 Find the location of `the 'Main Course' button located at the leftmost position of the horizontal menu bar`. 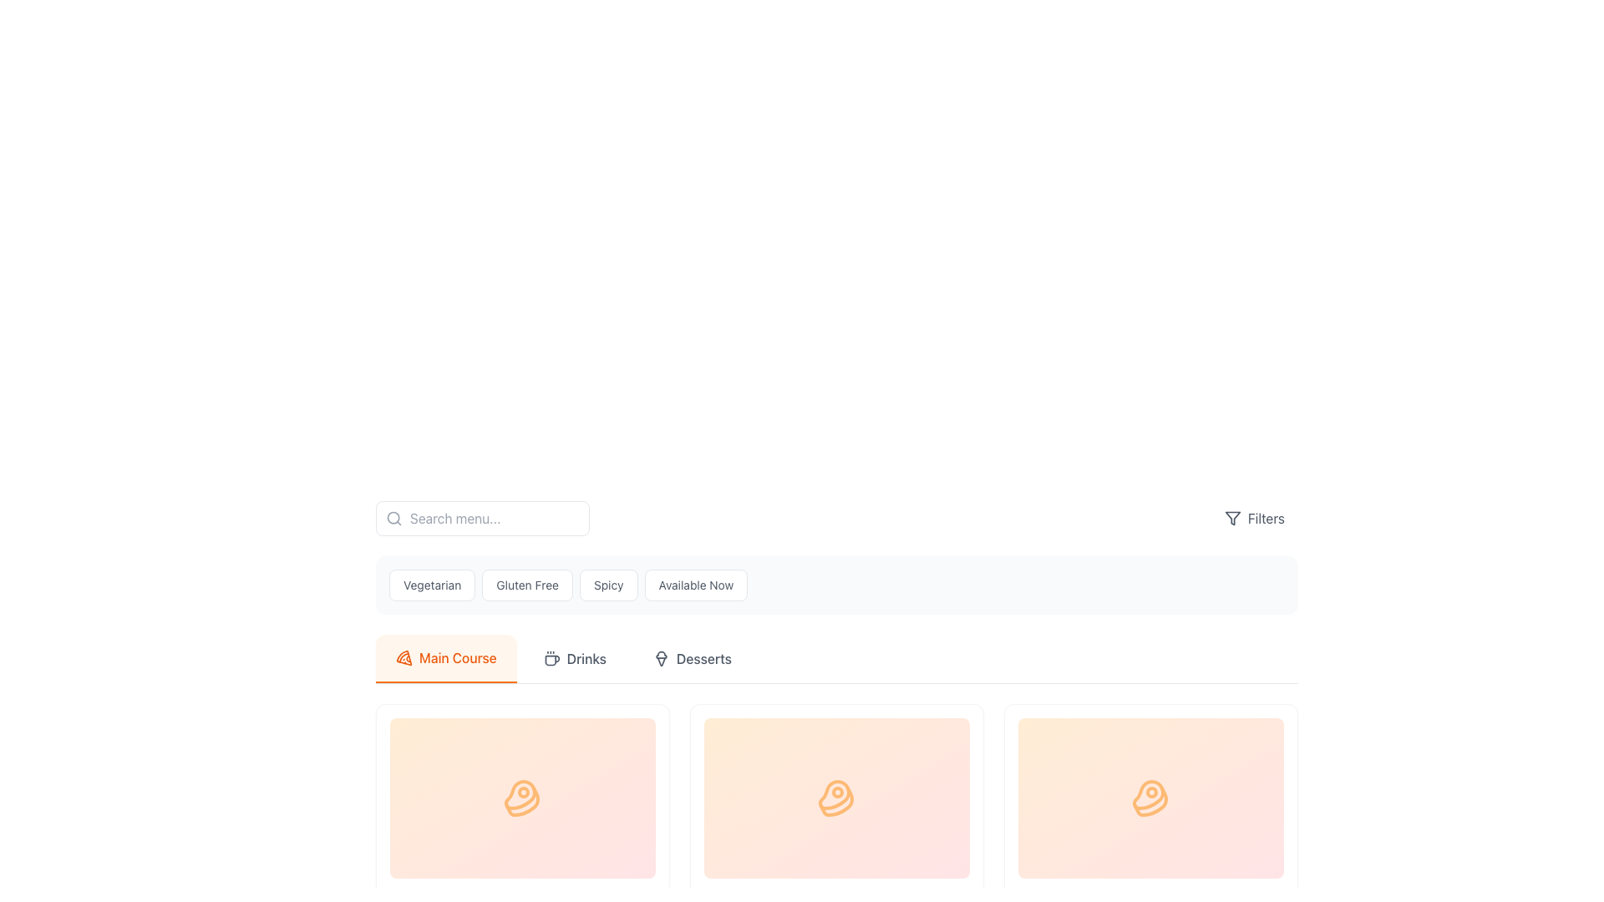

the 'Main Course' button located at the leftmost position of the horizontal menu bar is located at coordinates (446, 658).